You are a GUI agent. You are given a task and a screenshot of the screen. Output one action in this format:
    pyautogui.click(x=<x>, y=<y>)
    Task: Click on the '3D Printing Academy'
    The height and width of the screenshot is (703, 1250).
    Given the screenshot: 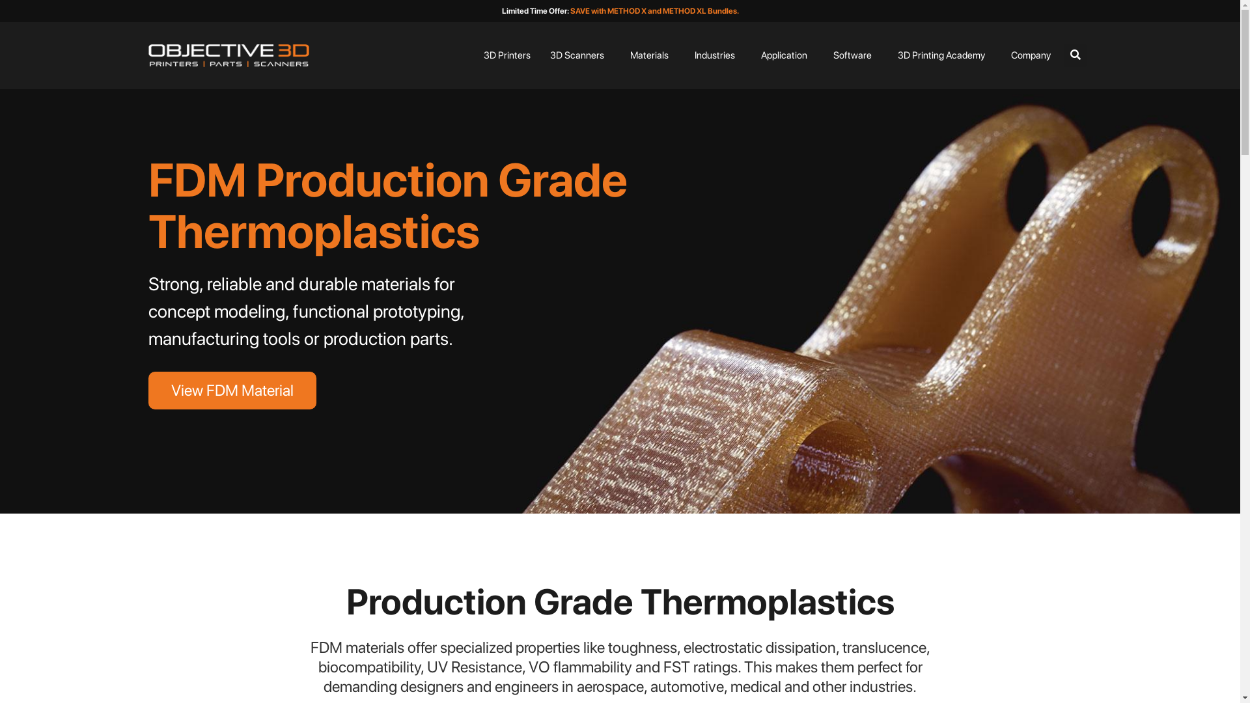 What is the action you would take?
    pyautogui.click(x=941, y=55)
    